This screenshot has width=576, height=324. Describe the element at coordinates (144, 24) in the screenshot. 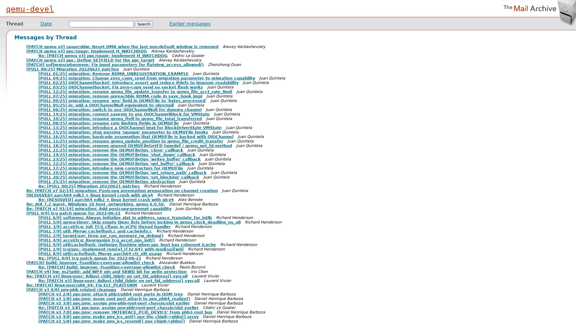

I see `Search` at that location.